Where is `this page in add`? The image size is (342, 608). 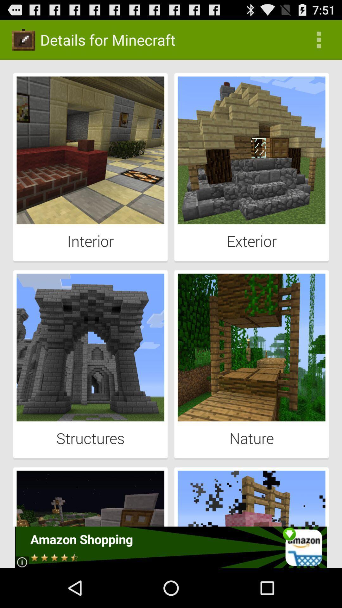 this page in add is located at coordinates (170, 547).